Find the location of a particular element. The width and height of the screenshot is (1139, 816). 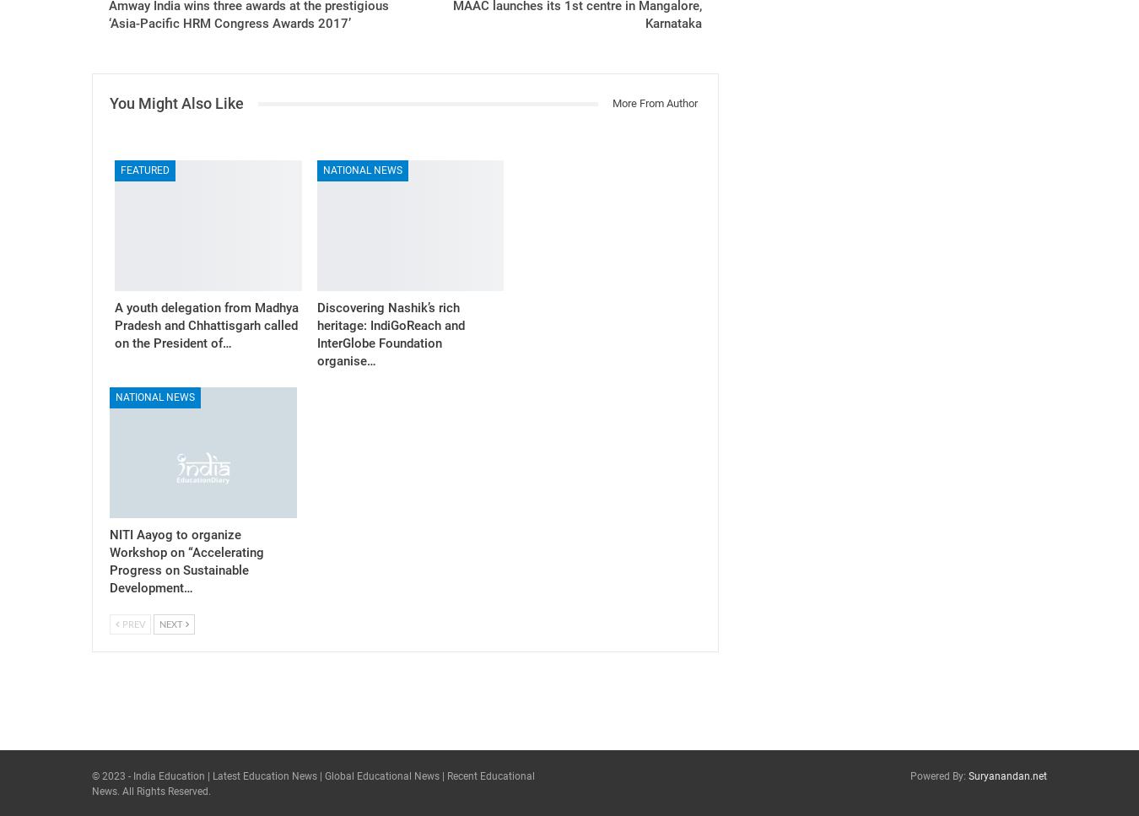

'Prev' is located at coordinates (120, 623).